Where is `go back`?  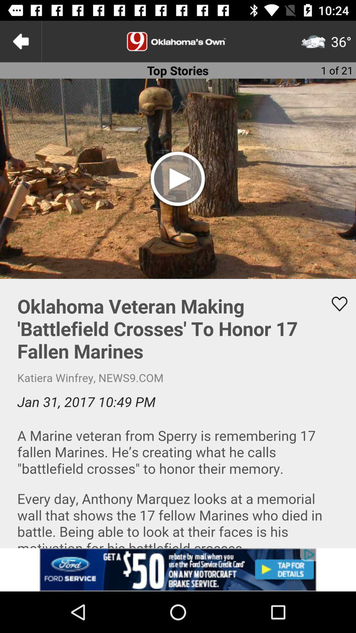 go back is located at coordinates (20, 41).